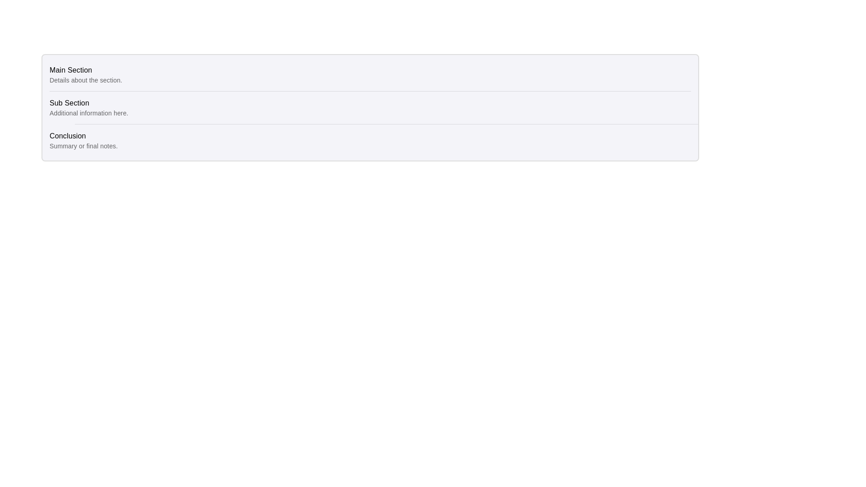  I want to click on the first list item that displays a title and a descriptive subtitle, so click(370, 74).